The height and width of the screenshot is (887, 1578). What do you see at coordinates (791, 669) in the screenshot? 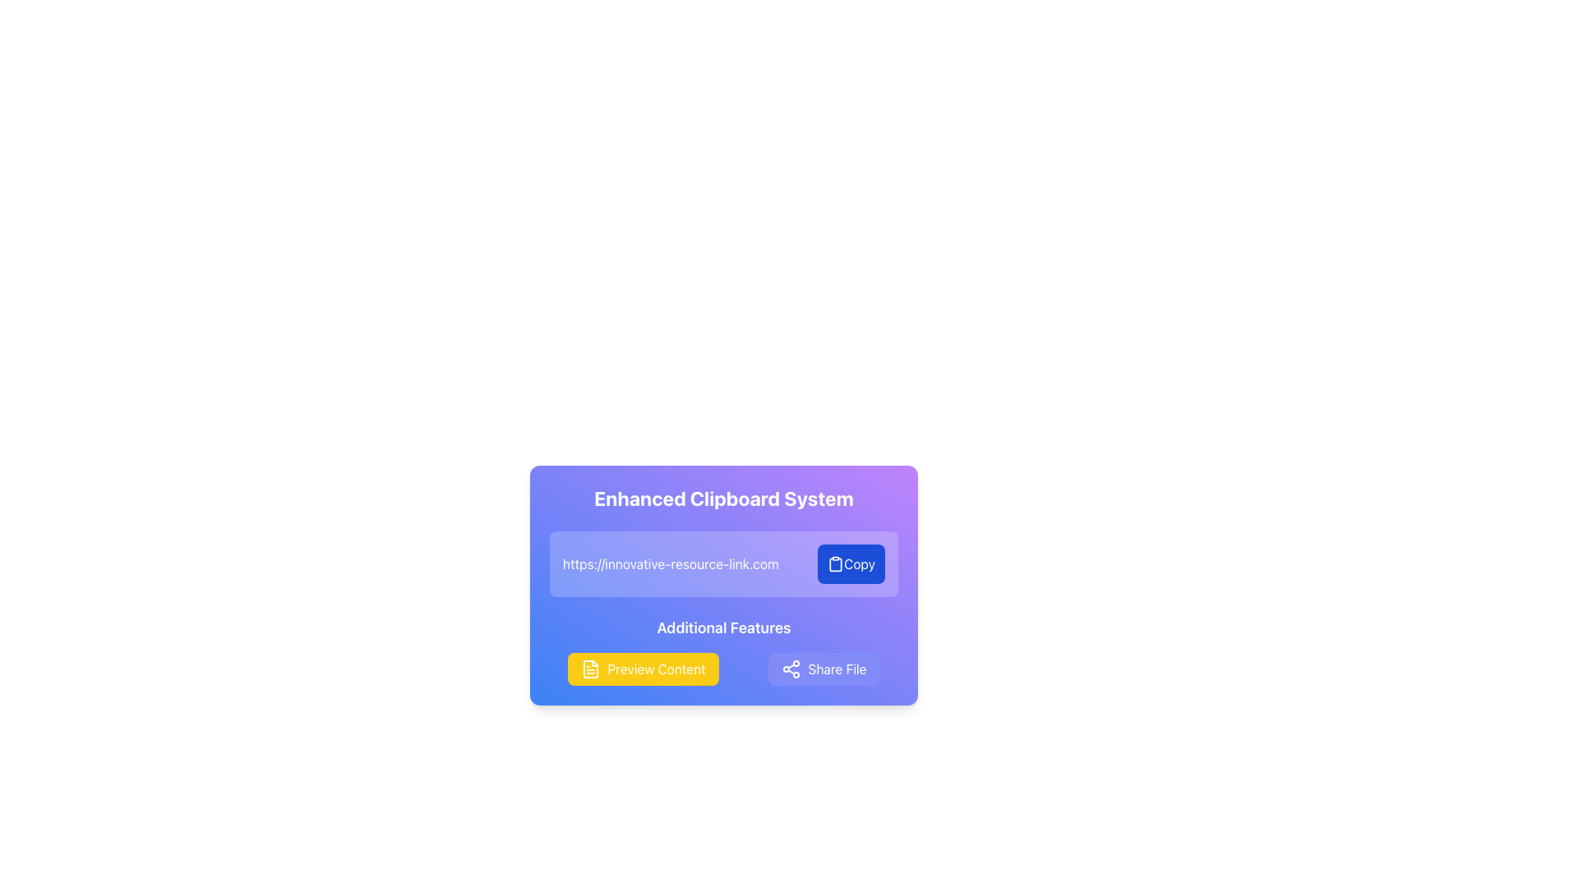
I see `the small circular share icon, which is white on a light purple background, located at the bottom-right of the 'Additional Features' section next to the 'Preview Content' button` at bounding box center [791, 669].